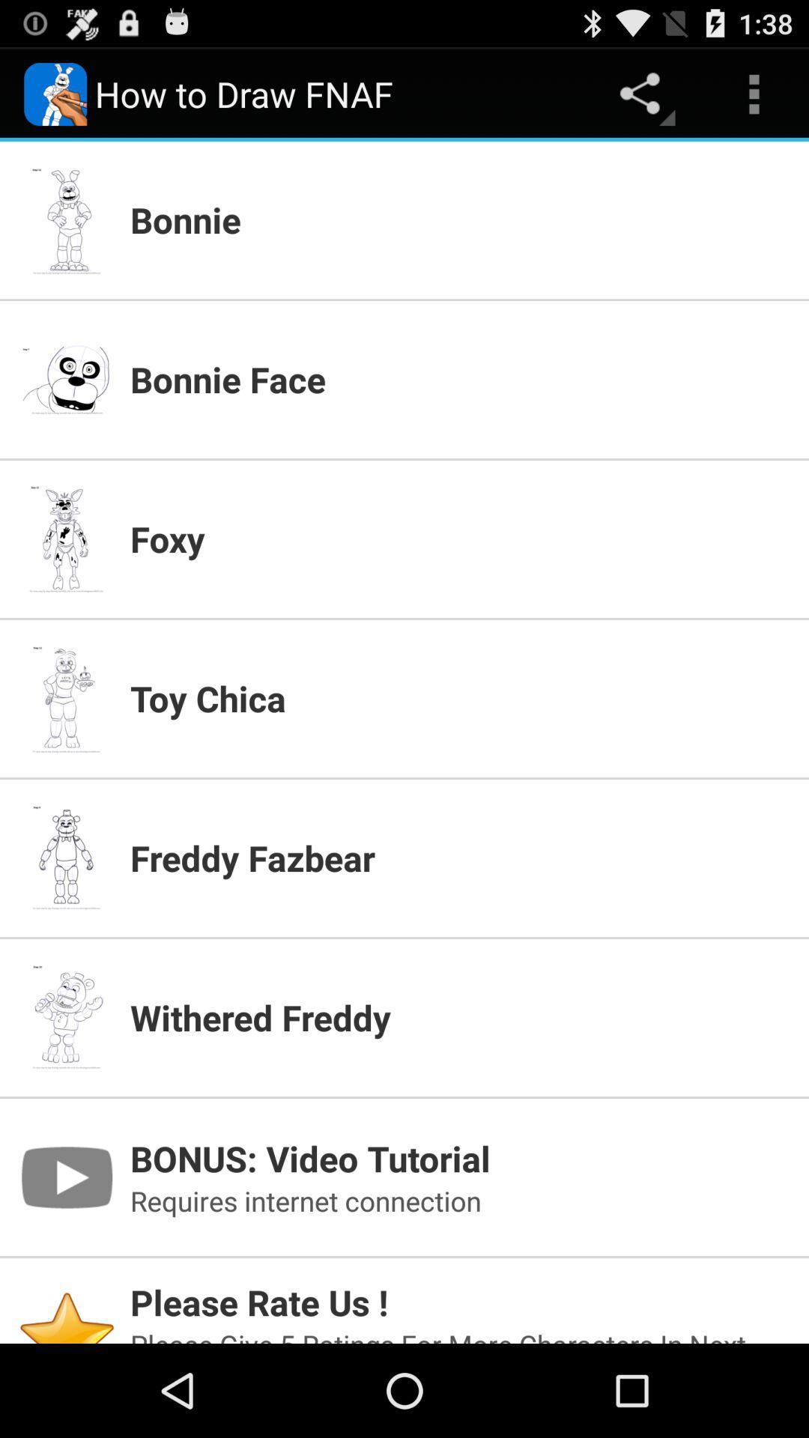 Image resolution: width=809 pixels, height=1438 pixels. Describe the element at coordinates (459, 1201) in the screenshot. I see `the icon below the bonus: video tutorial app` at that location.